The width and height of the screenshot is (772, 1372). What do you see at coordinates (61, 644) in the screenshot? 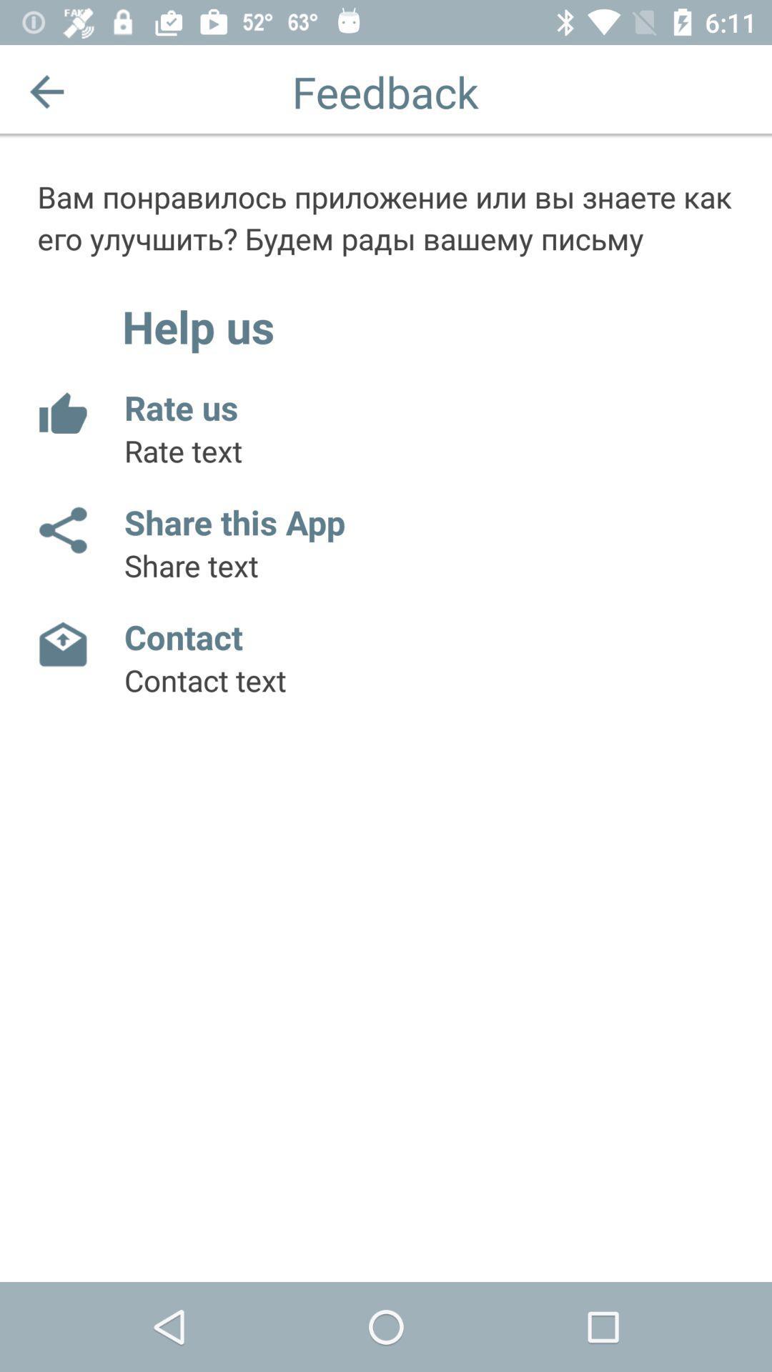
I see `app next to the contact` at bounding box center [61, 644].